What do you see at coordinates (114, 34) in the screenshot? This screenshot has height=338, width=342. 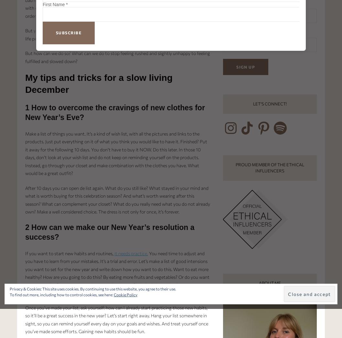 I see `', the clothes you own are enough. Stuff doesn’t make life perfect. How we feel makes it perfect, so let’s start enjoying, instead of craving.'` at bounding box center [114, 34].